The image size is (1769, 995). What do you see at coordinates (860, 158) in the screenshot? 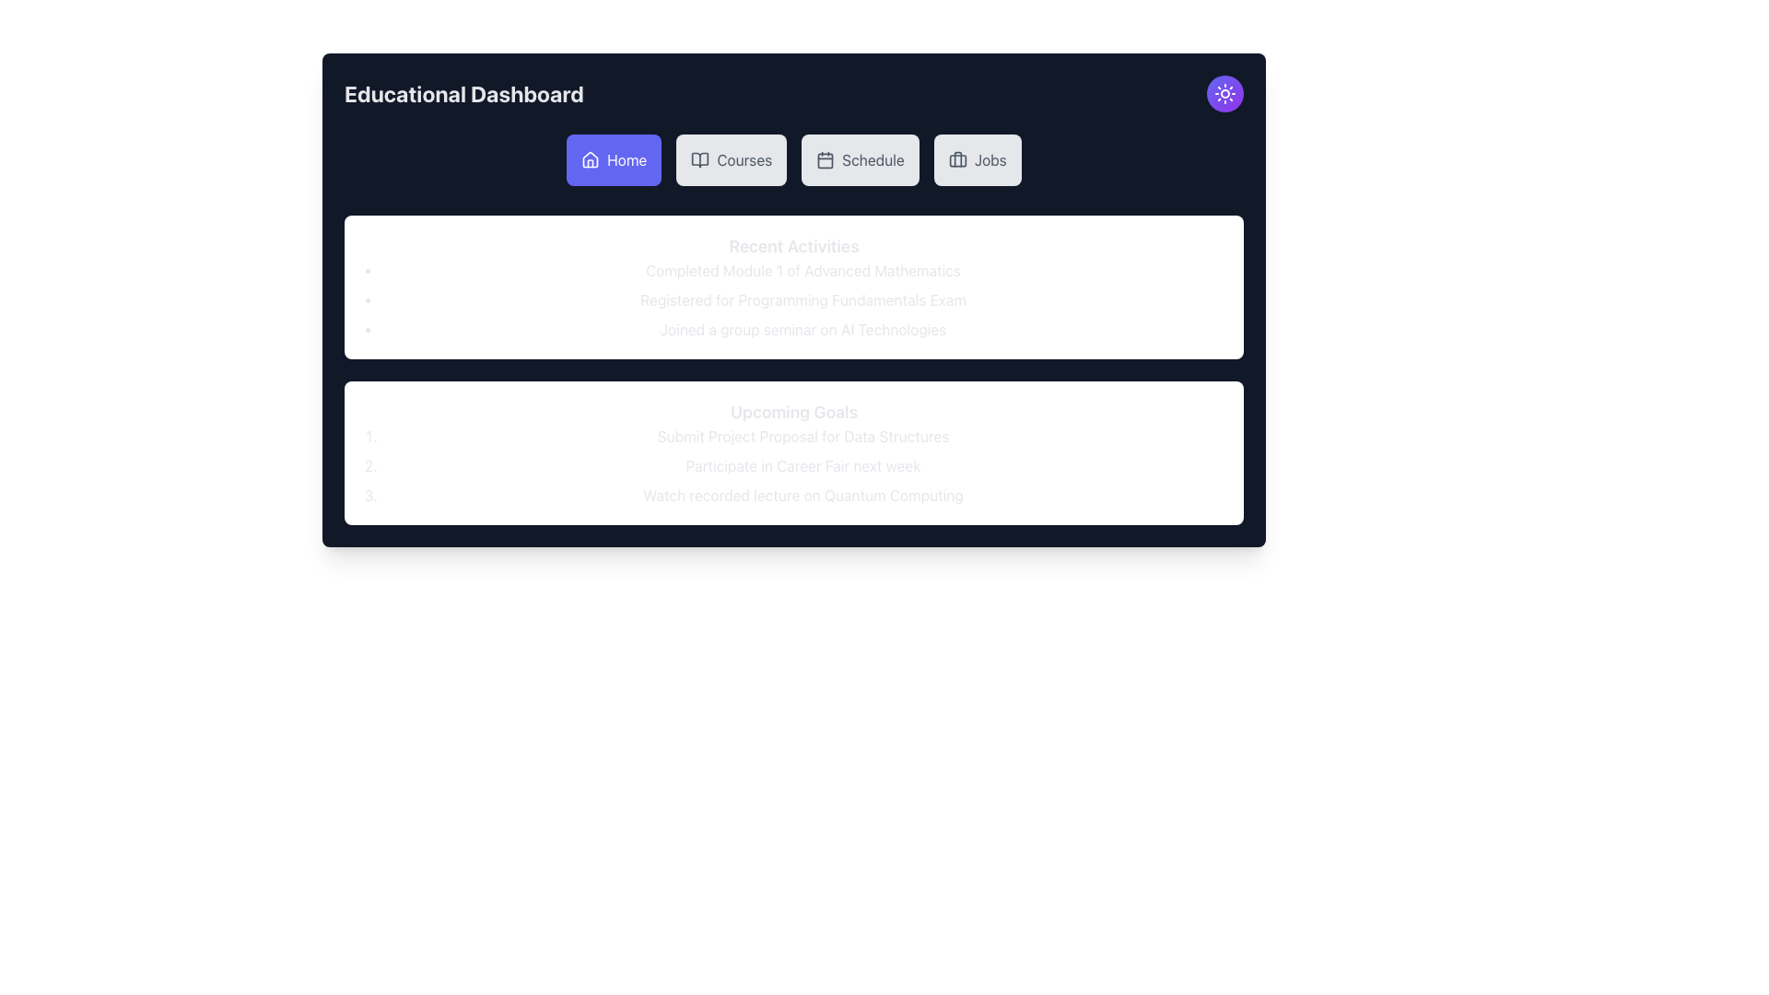
I see `the schedule navigation button, which is the third button in a group of four buttons` at bounding box center [860, 158].